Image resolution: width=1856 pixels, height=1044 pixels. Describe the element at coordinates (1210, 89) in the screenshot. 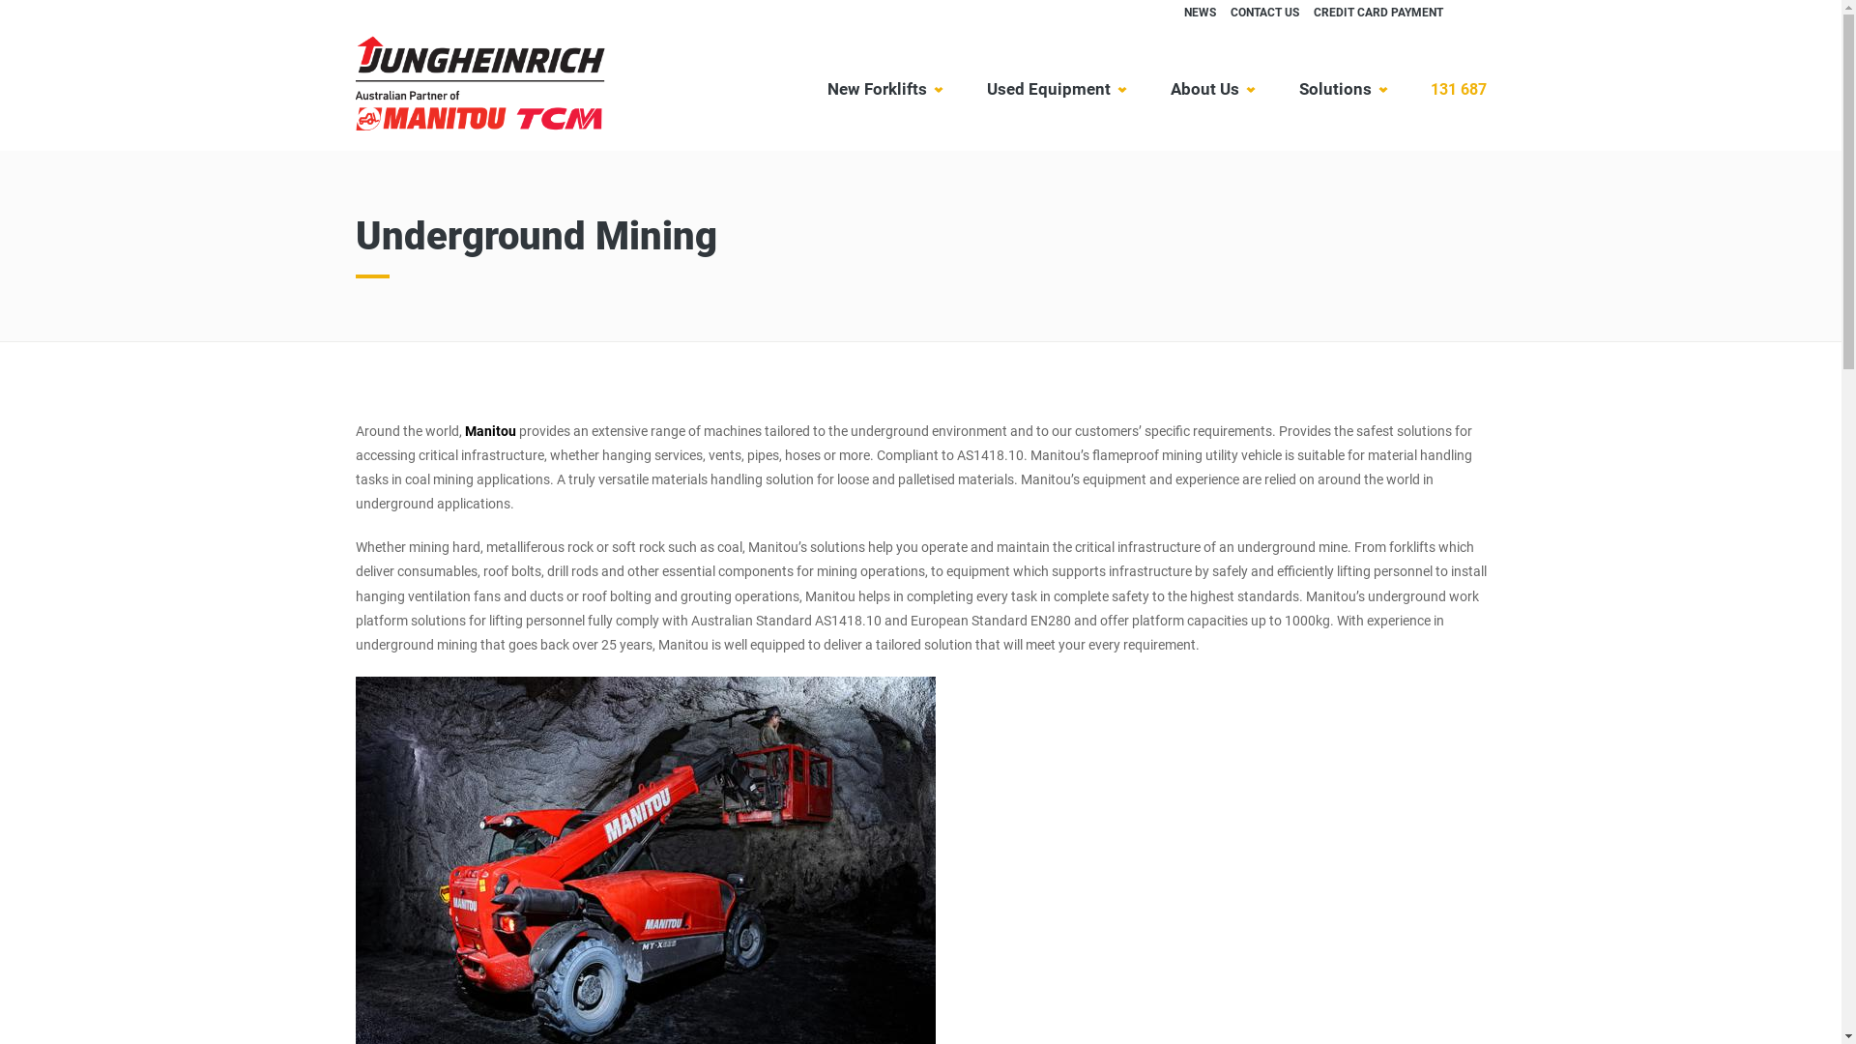

I see `'About Us'` at that location.